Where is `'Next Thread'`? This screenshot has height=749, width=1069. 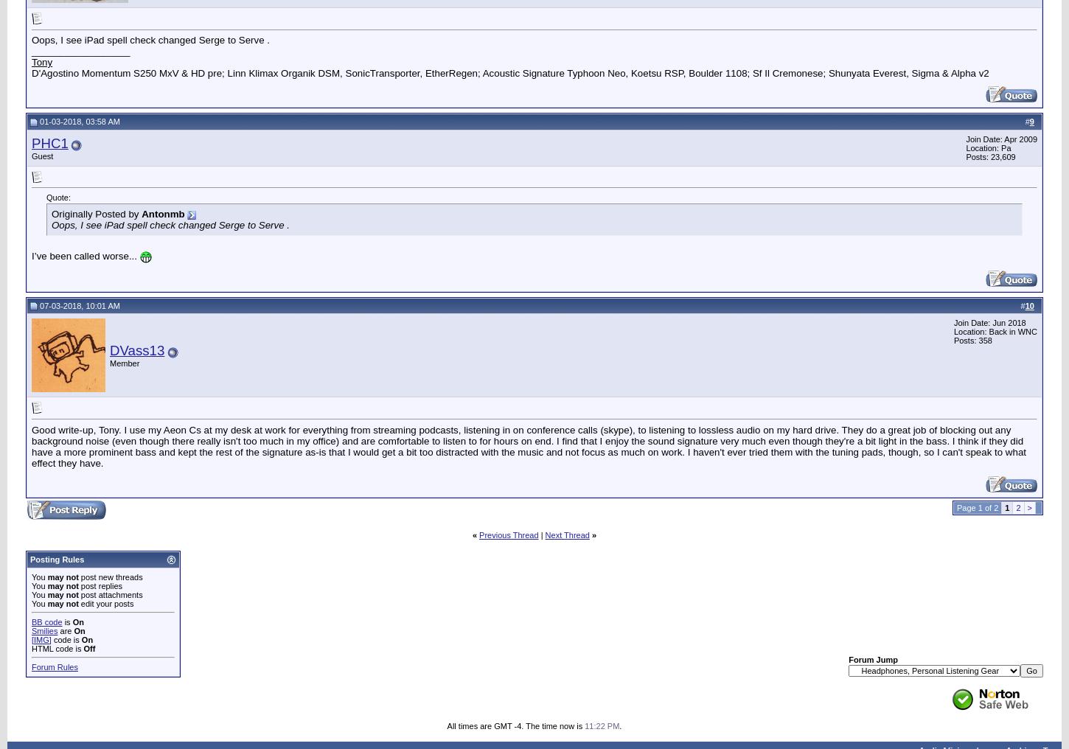
'Next Thread' is located at coordinates (566, 534).